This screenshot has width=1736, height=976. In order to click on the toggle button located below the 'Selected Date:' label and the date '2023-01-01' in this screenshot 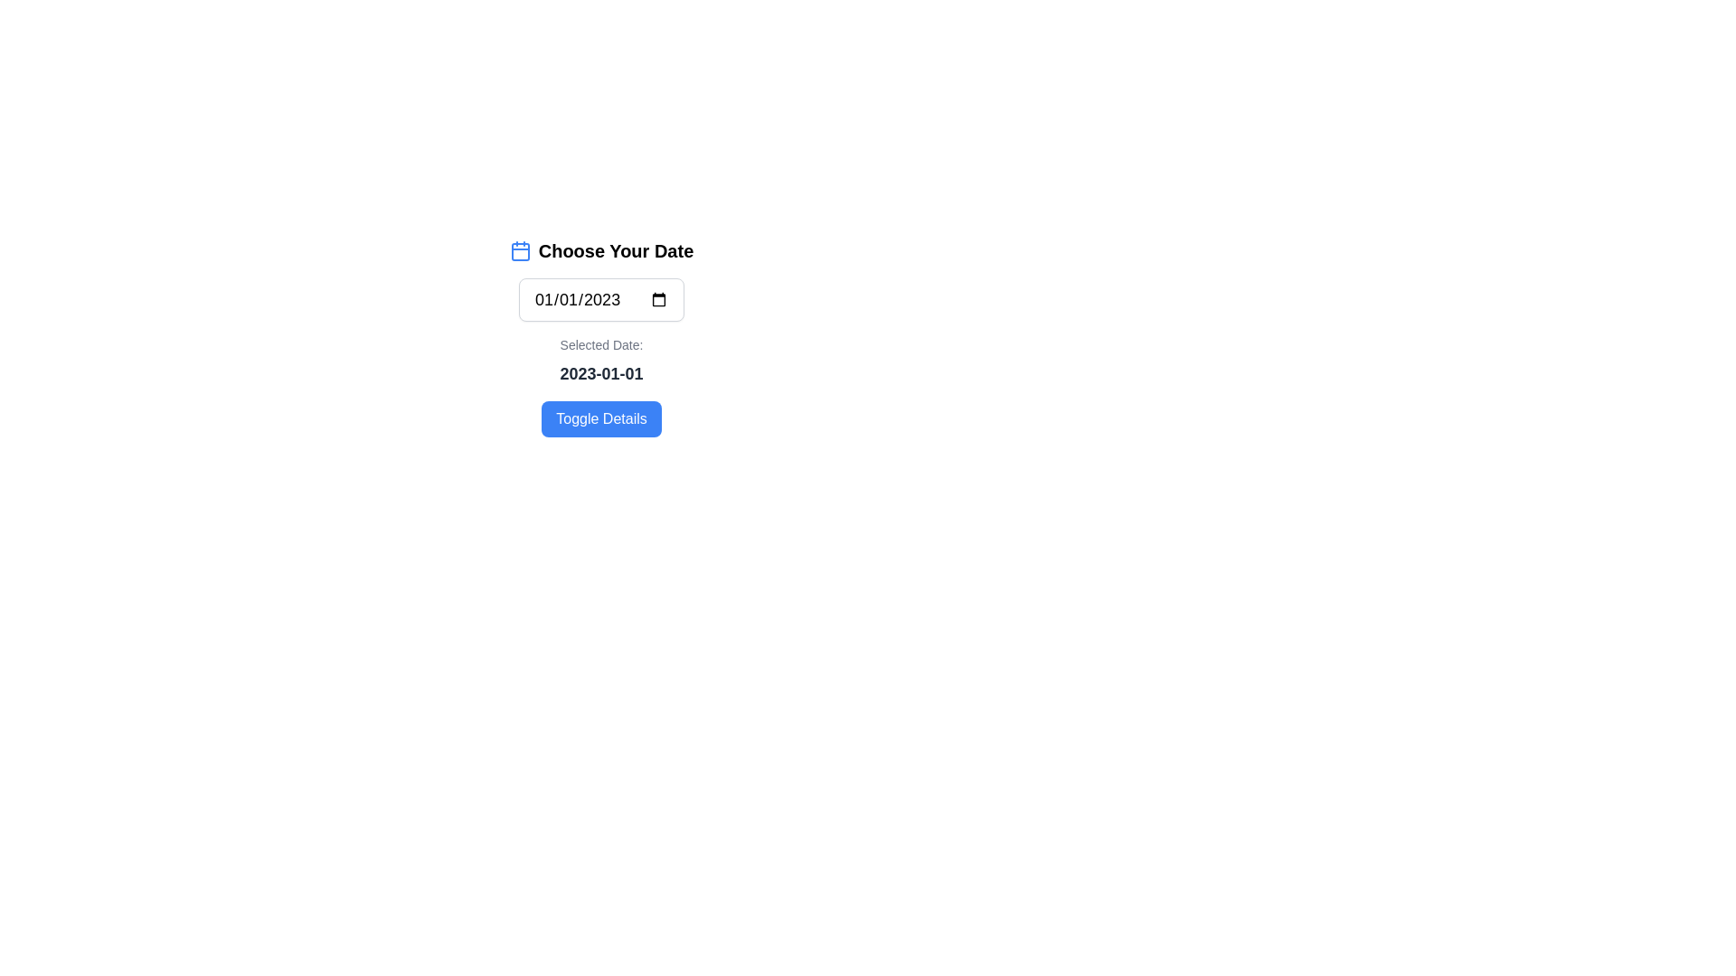, I will do `click(601, 418)`.